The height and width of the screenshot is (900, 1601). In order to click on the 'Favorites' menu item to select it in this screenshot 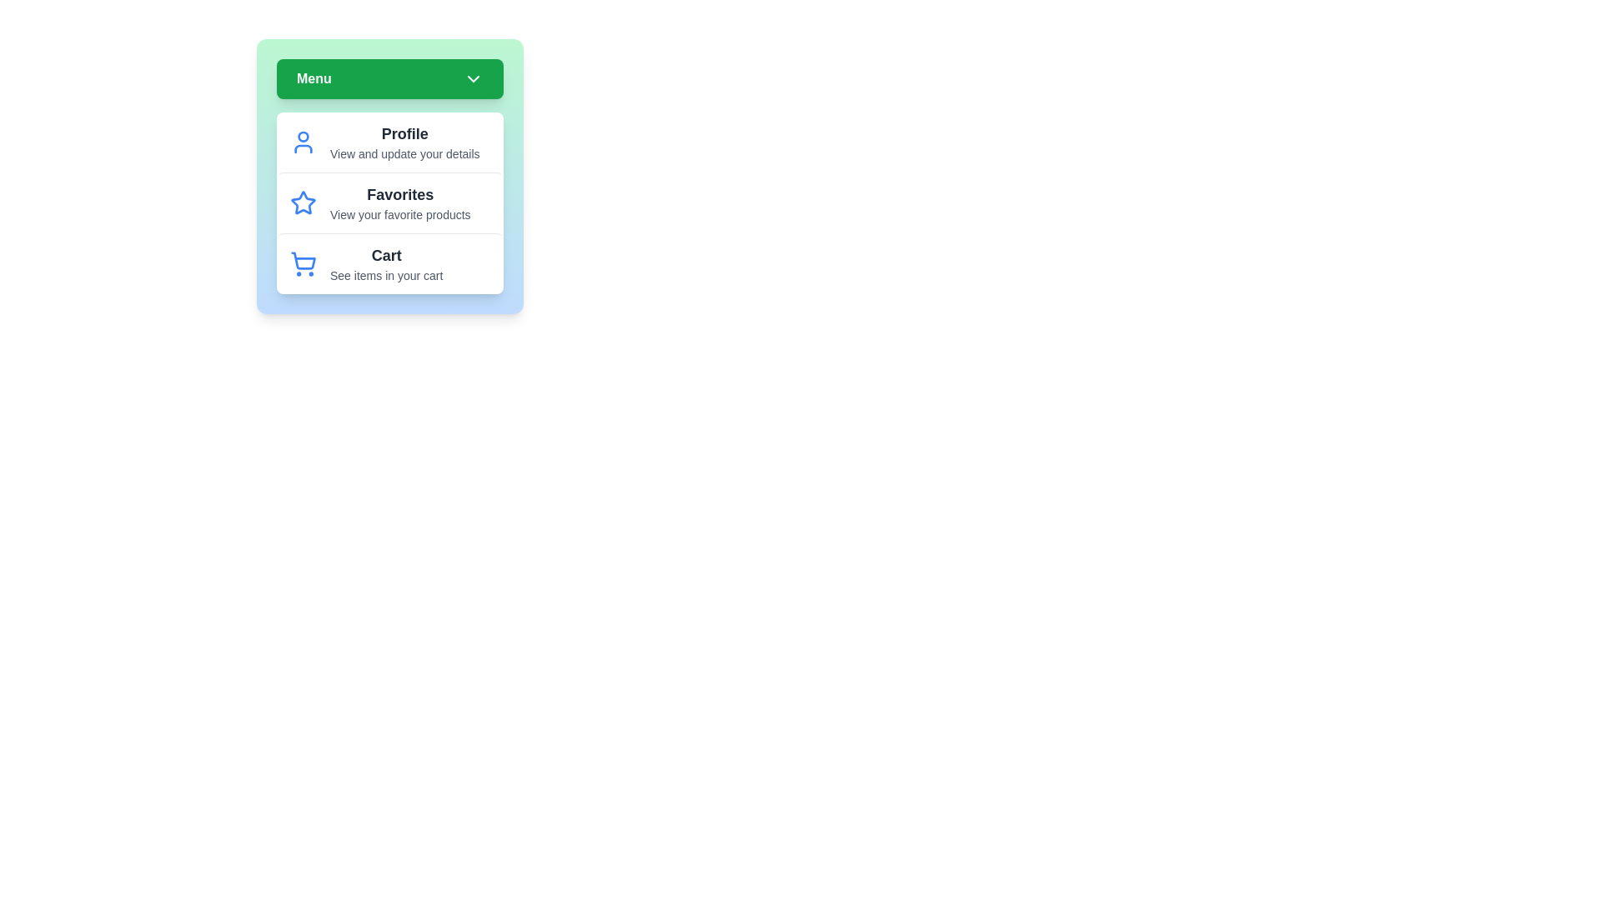, I will do `click(389, 202)`.